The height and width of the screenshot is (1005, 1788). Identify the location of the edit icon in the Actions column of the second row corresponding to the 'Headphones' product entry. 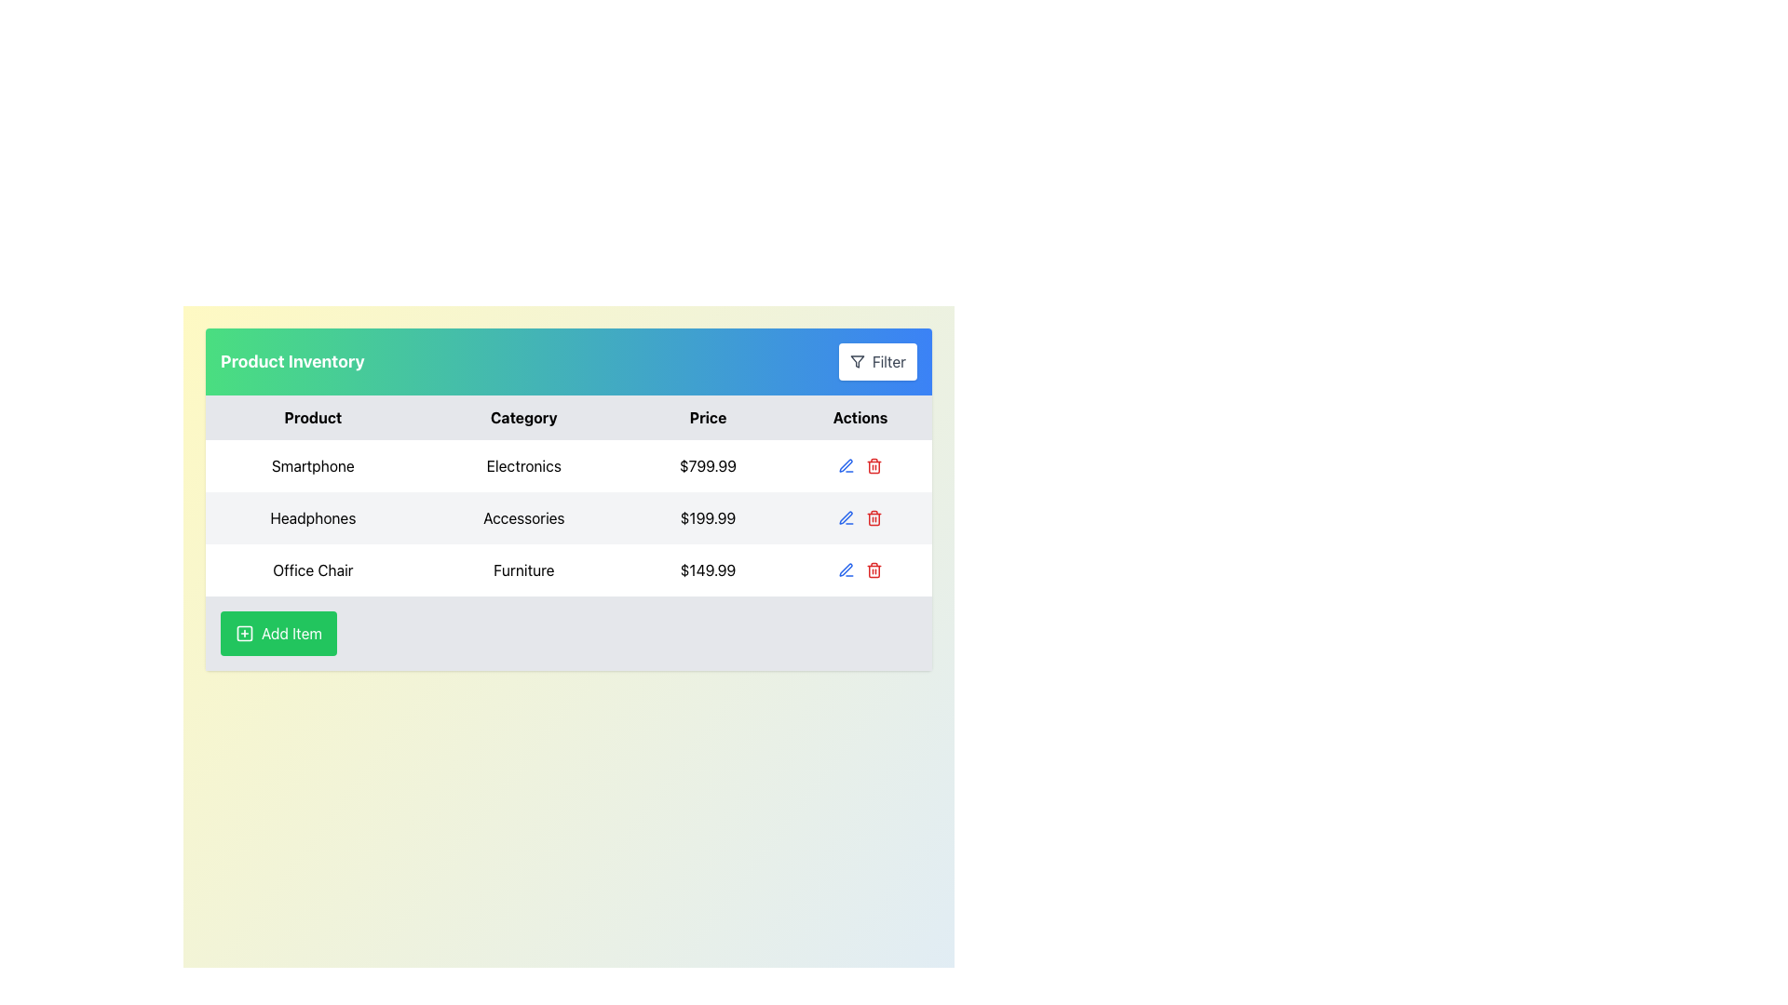
(845, 517).